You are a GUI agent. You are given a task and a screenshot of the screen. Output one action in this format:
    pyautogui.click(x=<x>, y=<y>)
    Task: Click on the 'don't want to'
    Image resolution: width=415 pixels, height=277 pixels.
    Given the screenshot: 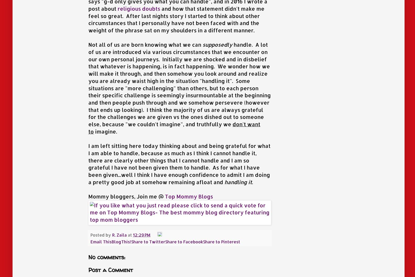 What is the action you would take?
    pyautogui.click(x=174, y=128)
    